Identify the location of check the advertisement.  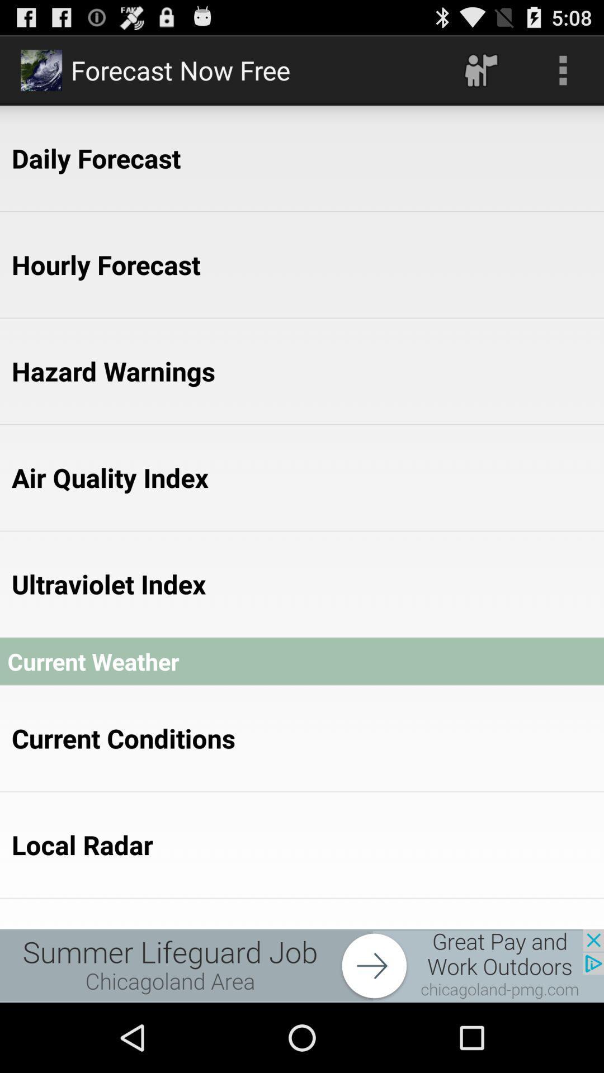
(302, 965).